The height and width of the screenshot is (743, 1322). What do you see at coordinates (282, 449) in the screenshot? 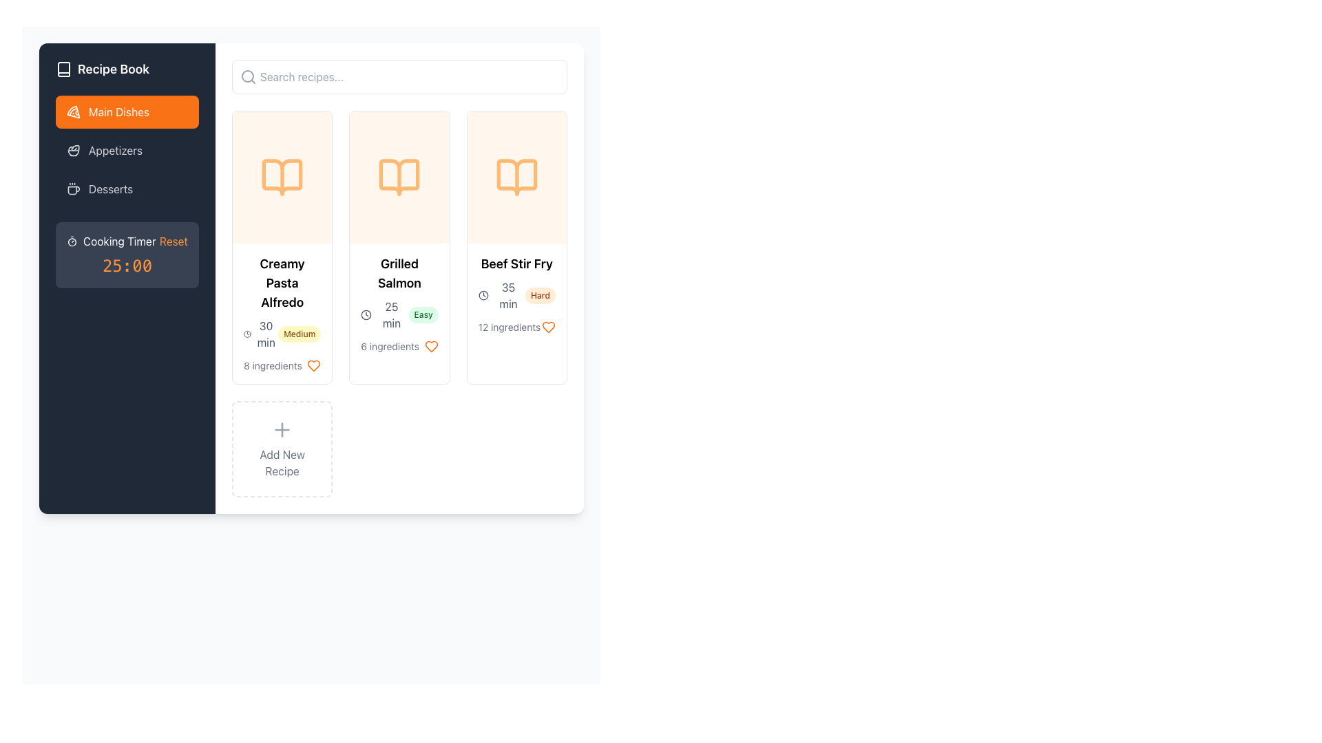
I see `the 'Add New Recipe' button with a dashed border and a centered '+' icon to change the border color` at bounding box center [282, 449].